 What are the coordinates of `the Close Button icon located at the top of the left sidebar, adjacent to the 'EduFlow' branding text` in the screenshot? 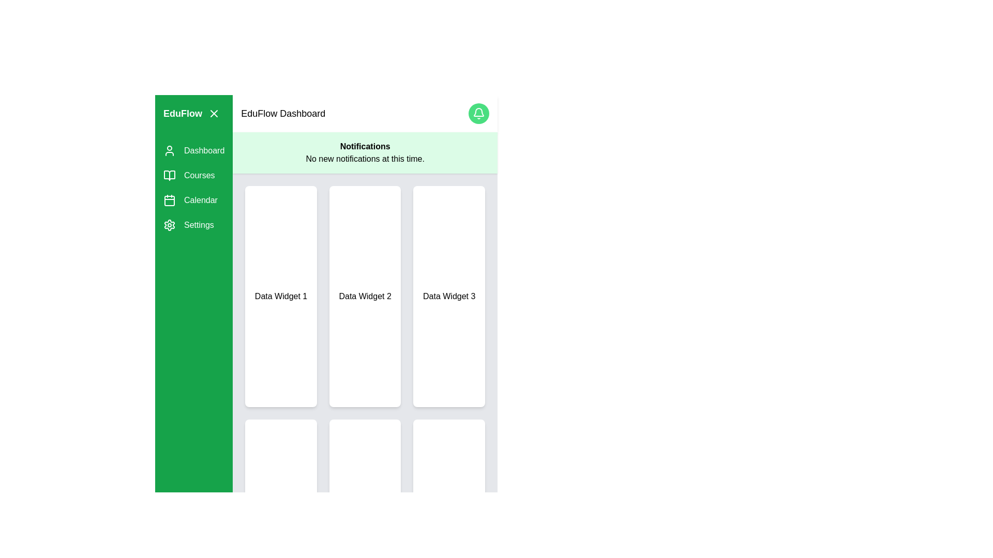 It's located at (214, 113).